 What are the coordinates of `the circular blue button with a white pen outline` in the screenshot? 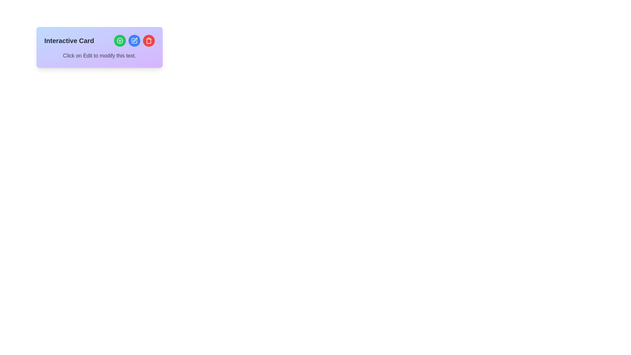 It's located at (134, 40).